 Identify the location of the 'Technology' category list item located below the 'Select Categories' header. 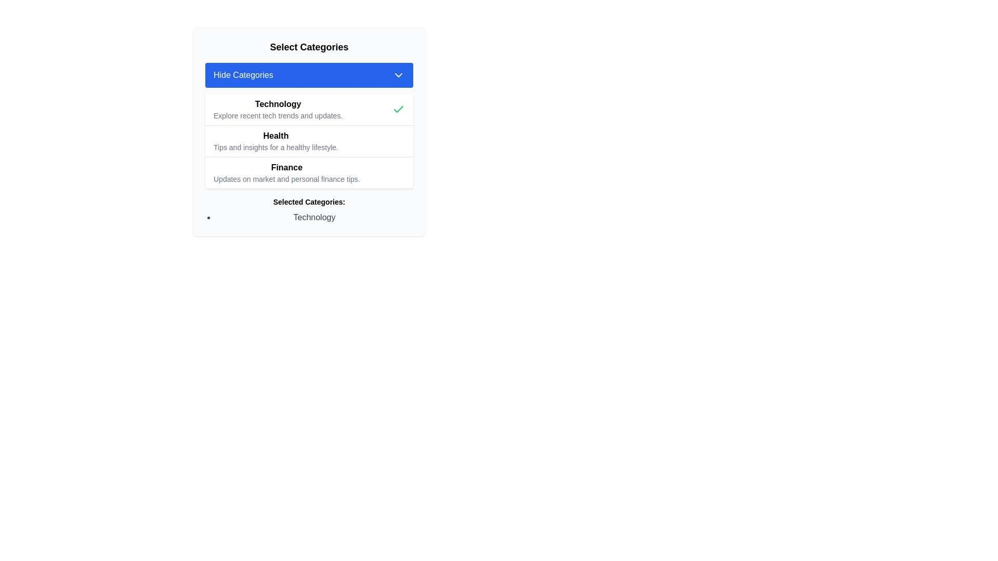
(309, 110).